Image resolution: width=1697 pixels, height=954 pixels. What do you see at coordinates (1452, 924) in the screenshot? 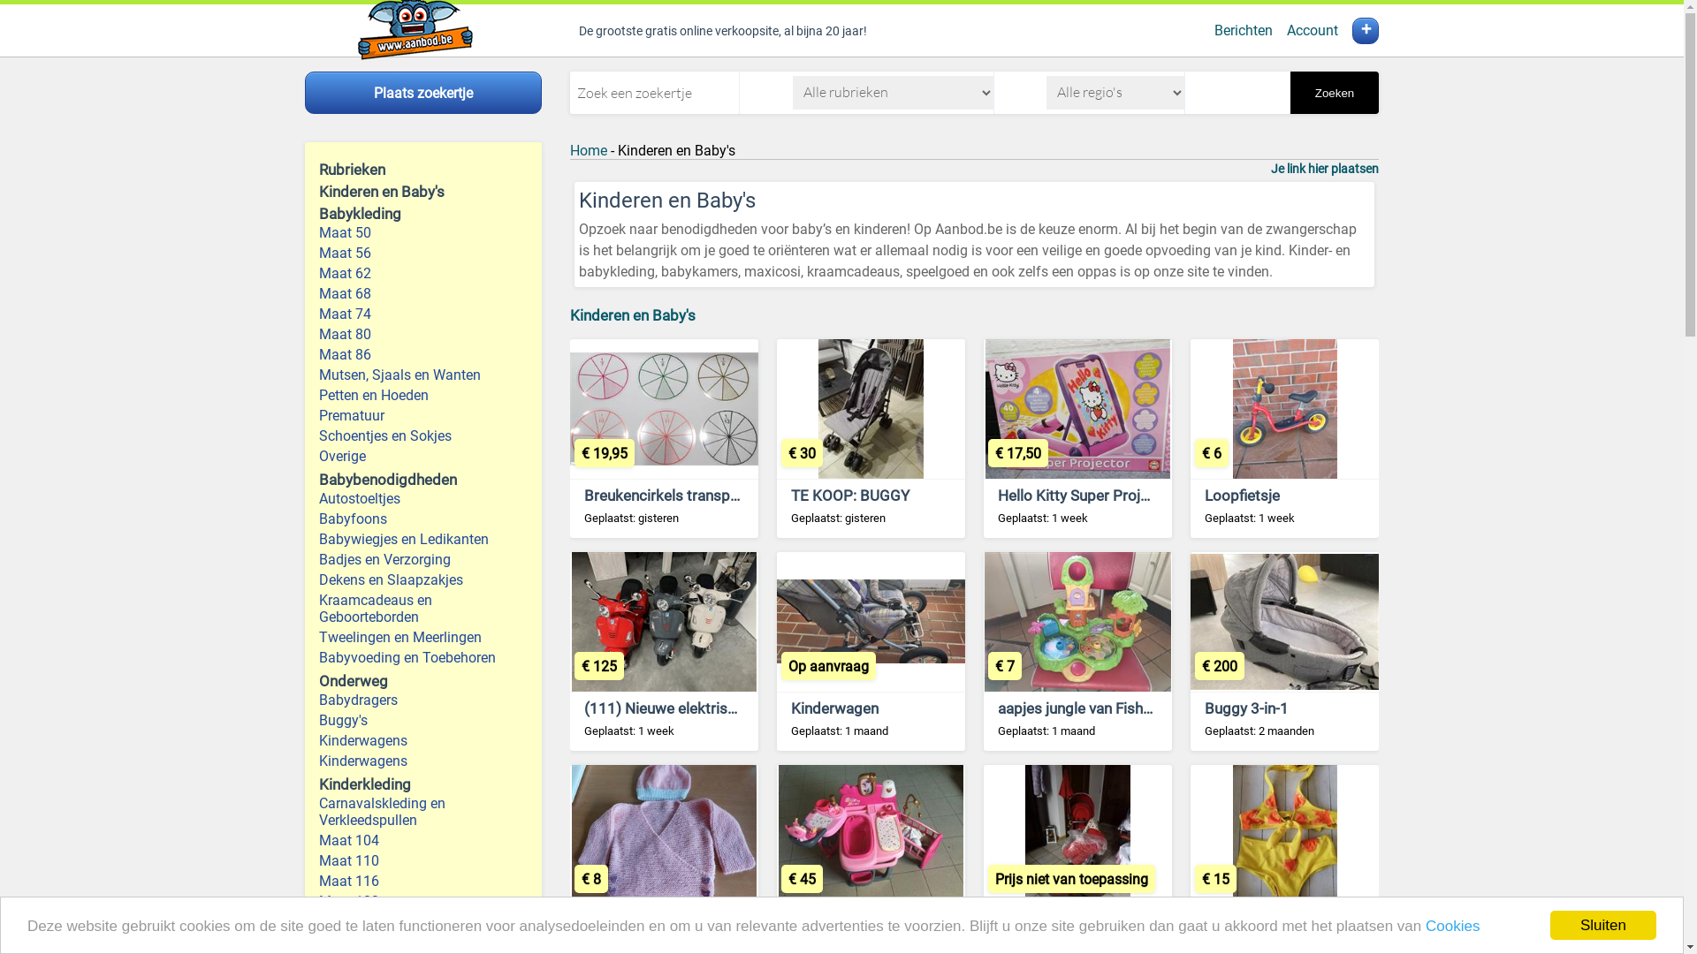
I see `'Cookies'` at bounding box center [1452, 924].